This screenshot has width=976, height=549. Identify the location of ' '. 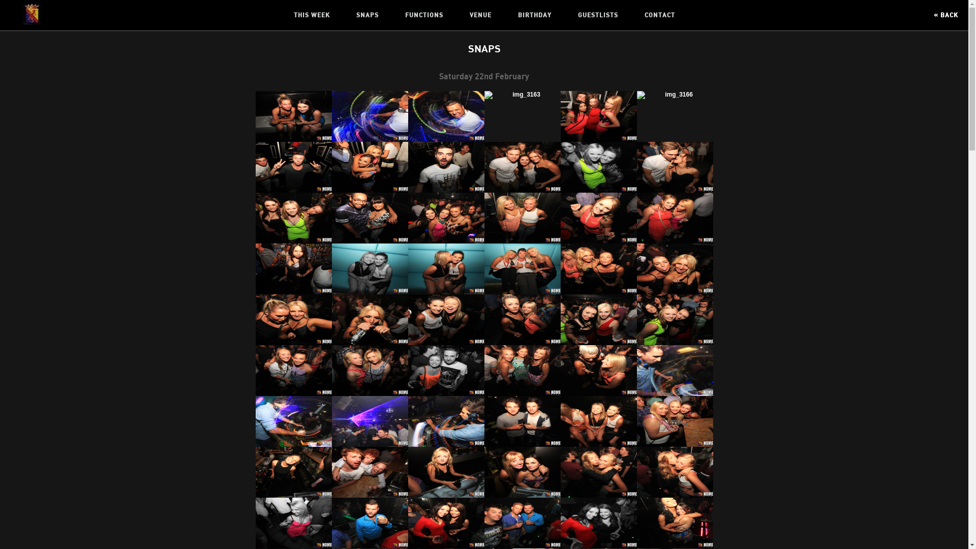
(674, 523).